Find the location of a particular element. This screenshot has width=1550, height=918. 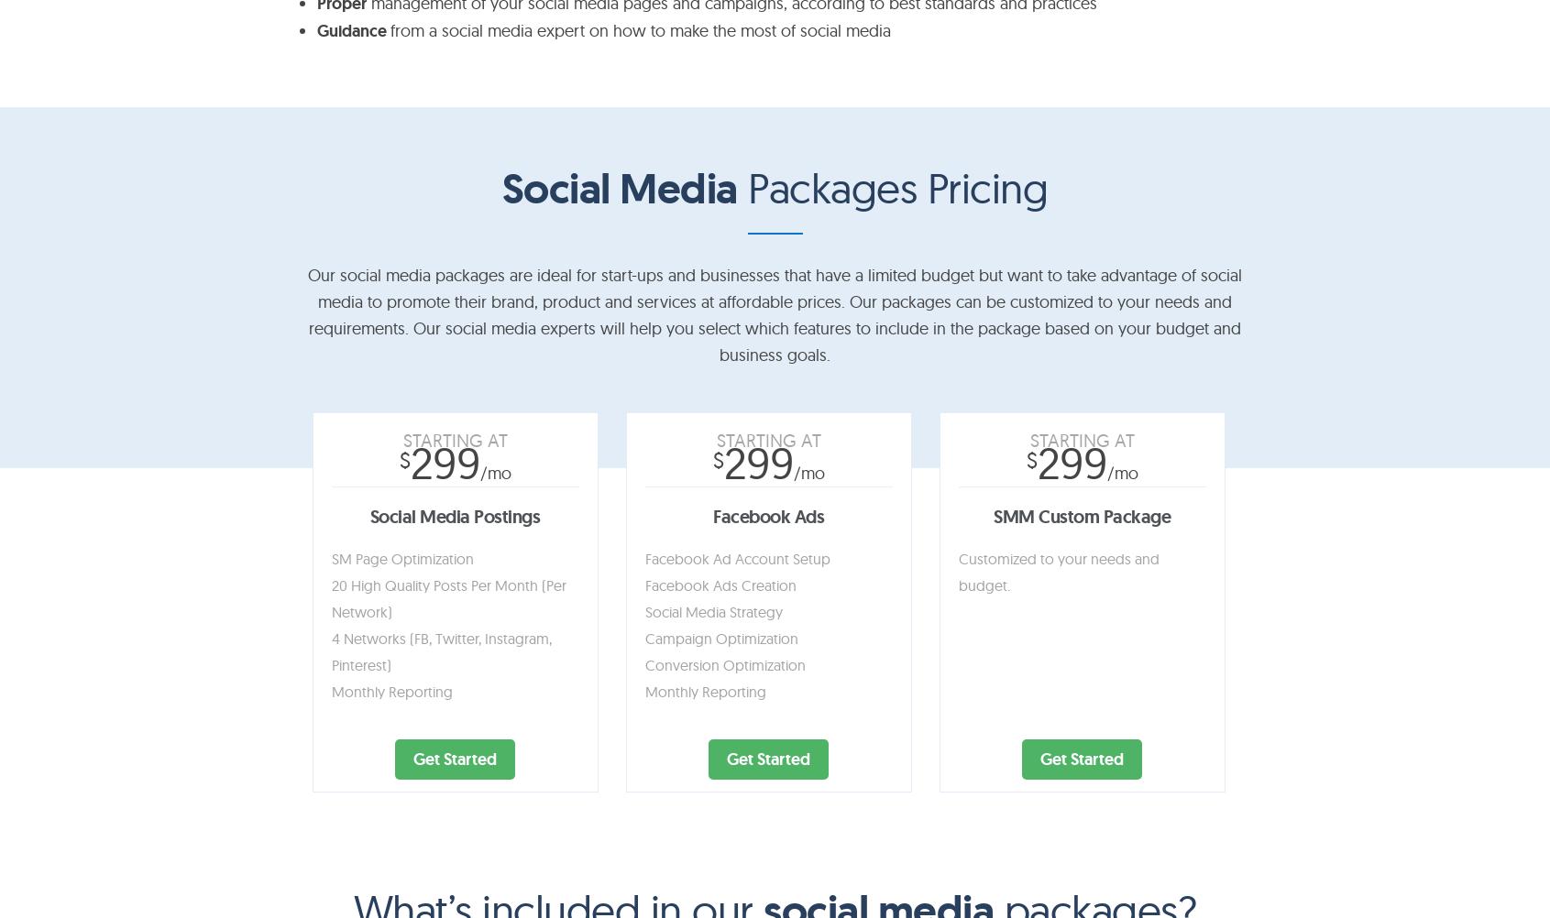

'Customized to your needs and budget.' is located at coordinates (1058, 570).